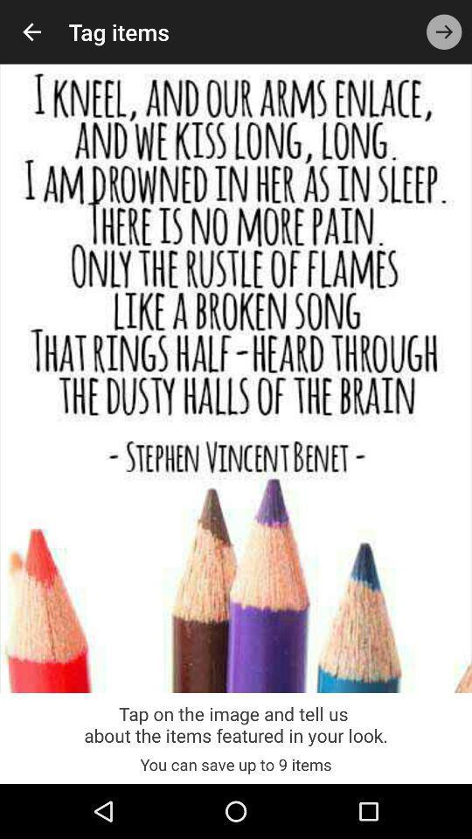 Image resolution: width=472 pixels, height=839 pixels. Describe the element at coordinates (444, 31) in the screenshot. I see `item to the right of tag items icon` at that location.